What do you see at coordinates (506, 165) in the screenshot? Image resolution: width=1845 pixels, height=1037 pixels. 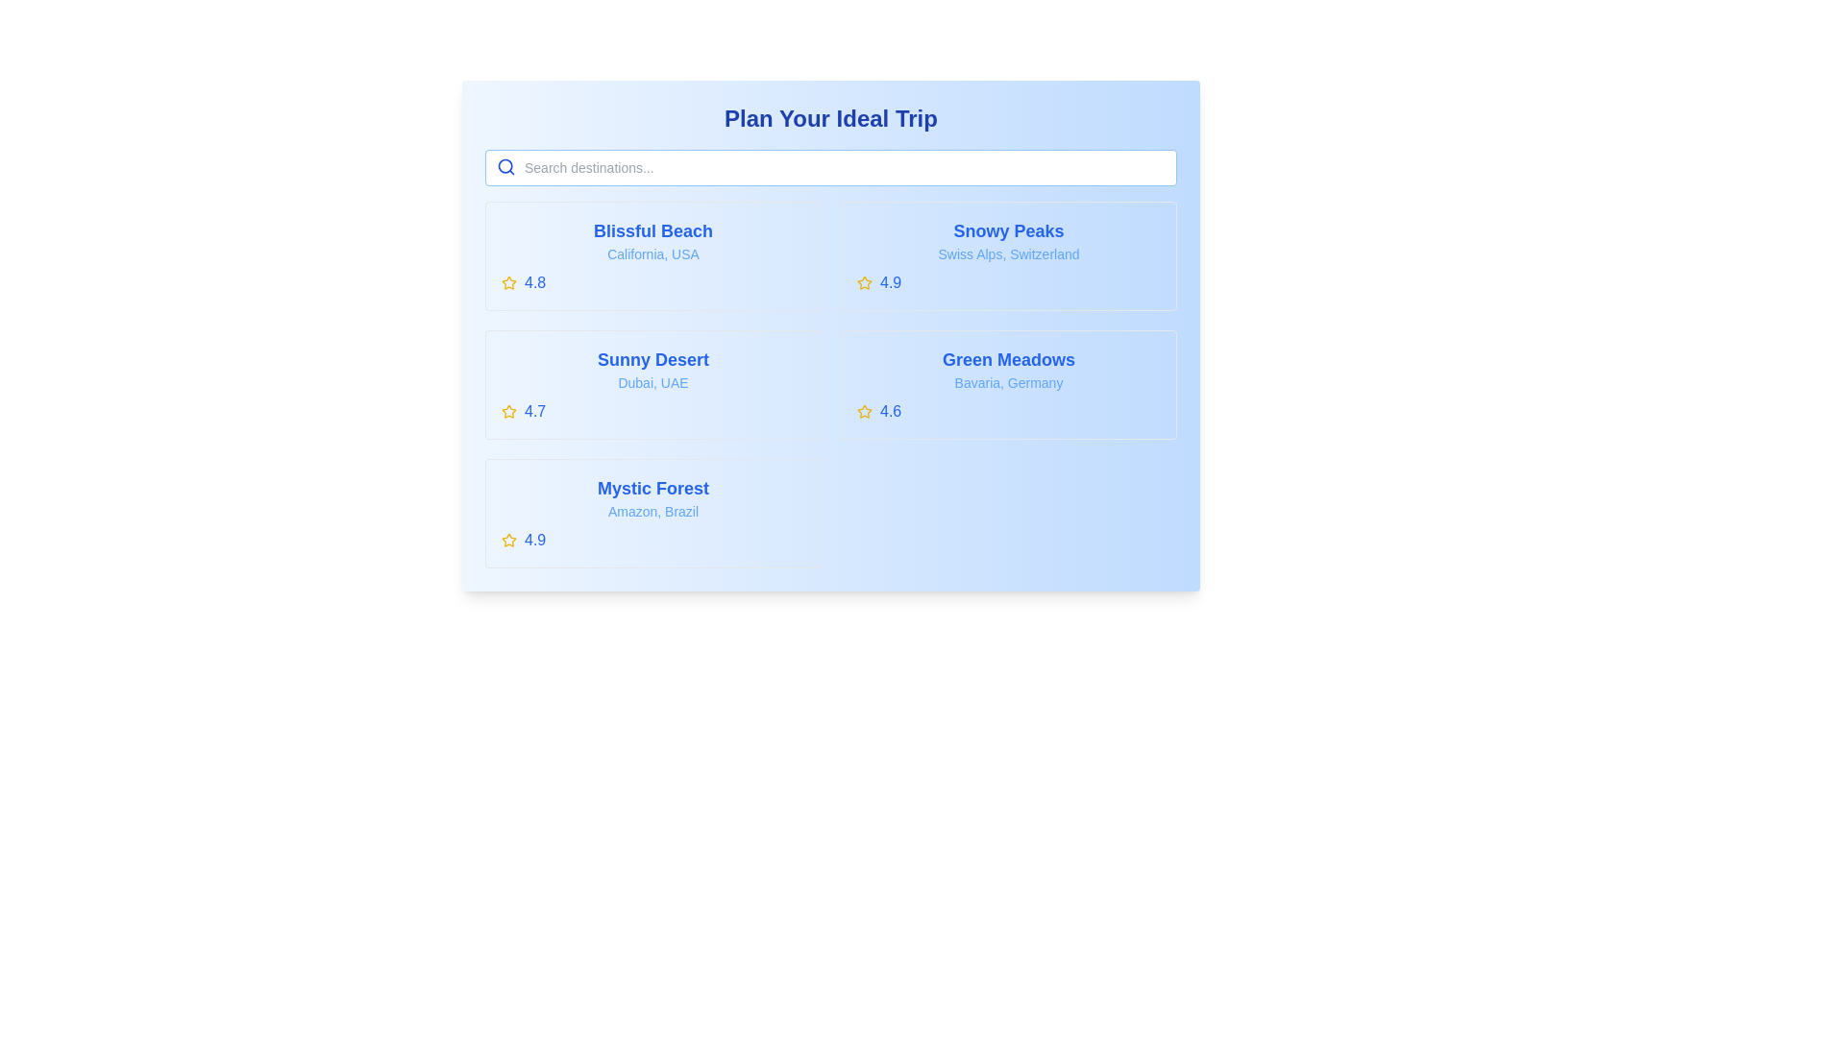 I see `the search icon located to the immediate left of the search input field at the top-left corner of the component listing destinations` at bounding box center [506, 165].